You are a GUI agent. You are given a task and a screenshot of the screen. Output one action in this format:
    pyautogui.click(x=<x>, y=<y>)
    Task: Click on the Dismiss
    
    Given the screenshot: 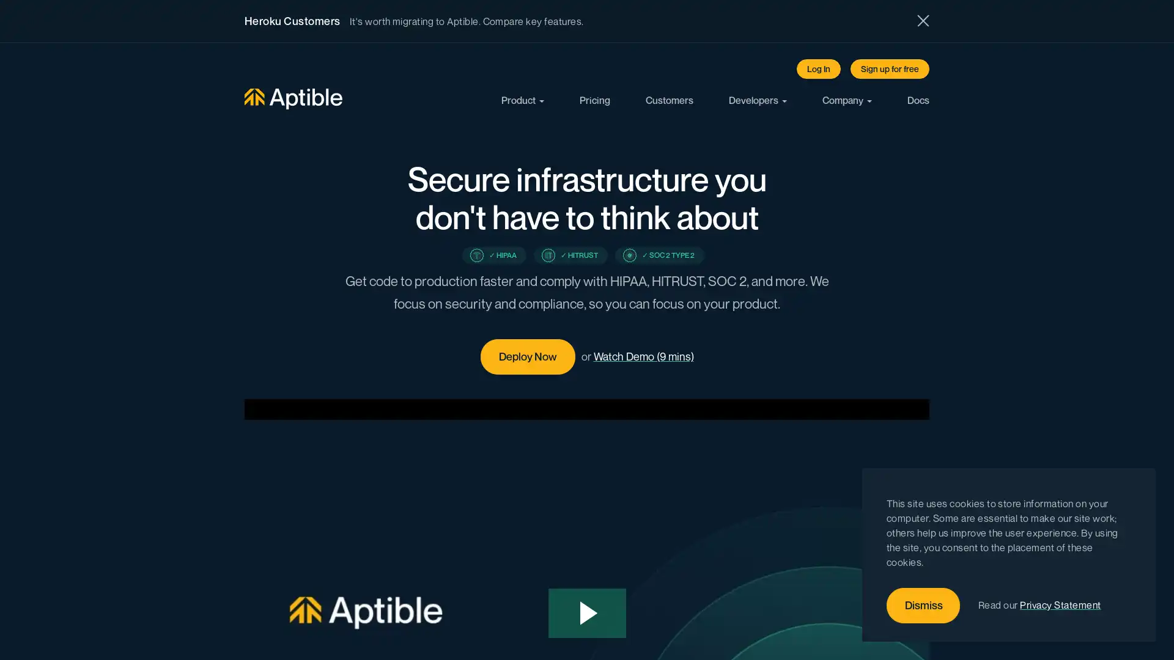 What is the action you would take?
    pyautogui.click(x=923, y=606)
    